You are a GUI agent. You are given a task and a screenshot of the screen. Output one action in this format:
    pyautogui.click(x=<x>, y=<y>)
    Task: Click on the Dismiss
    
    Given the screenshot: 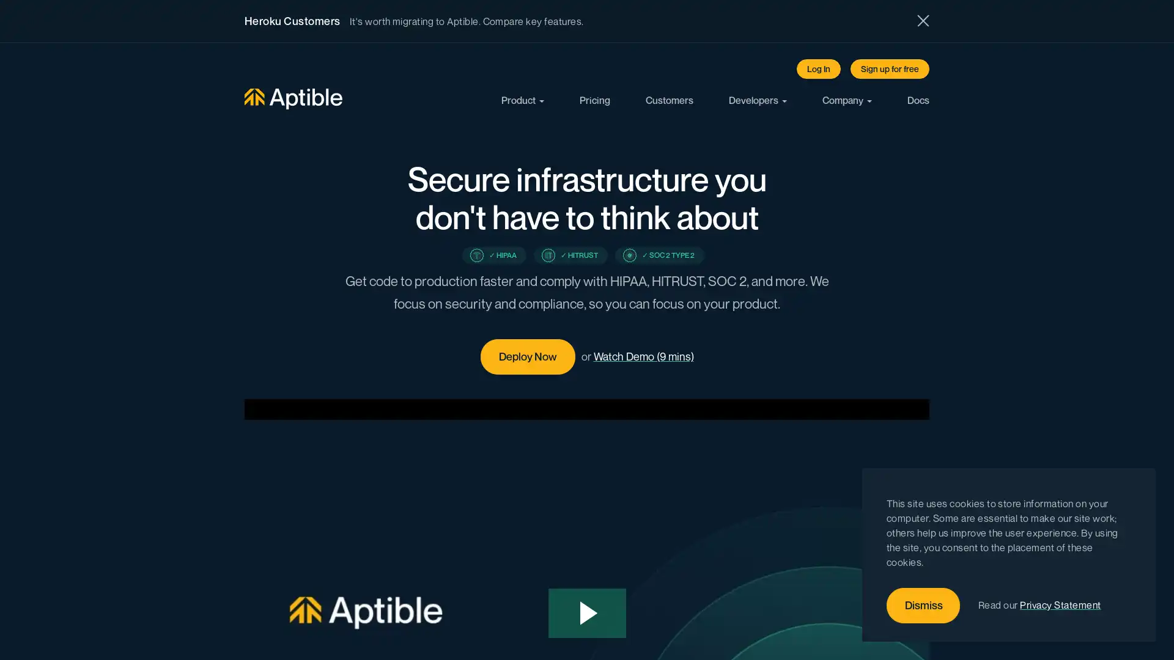 What is the action you would take?
    pyautogui.click(x=923, y=606)
    